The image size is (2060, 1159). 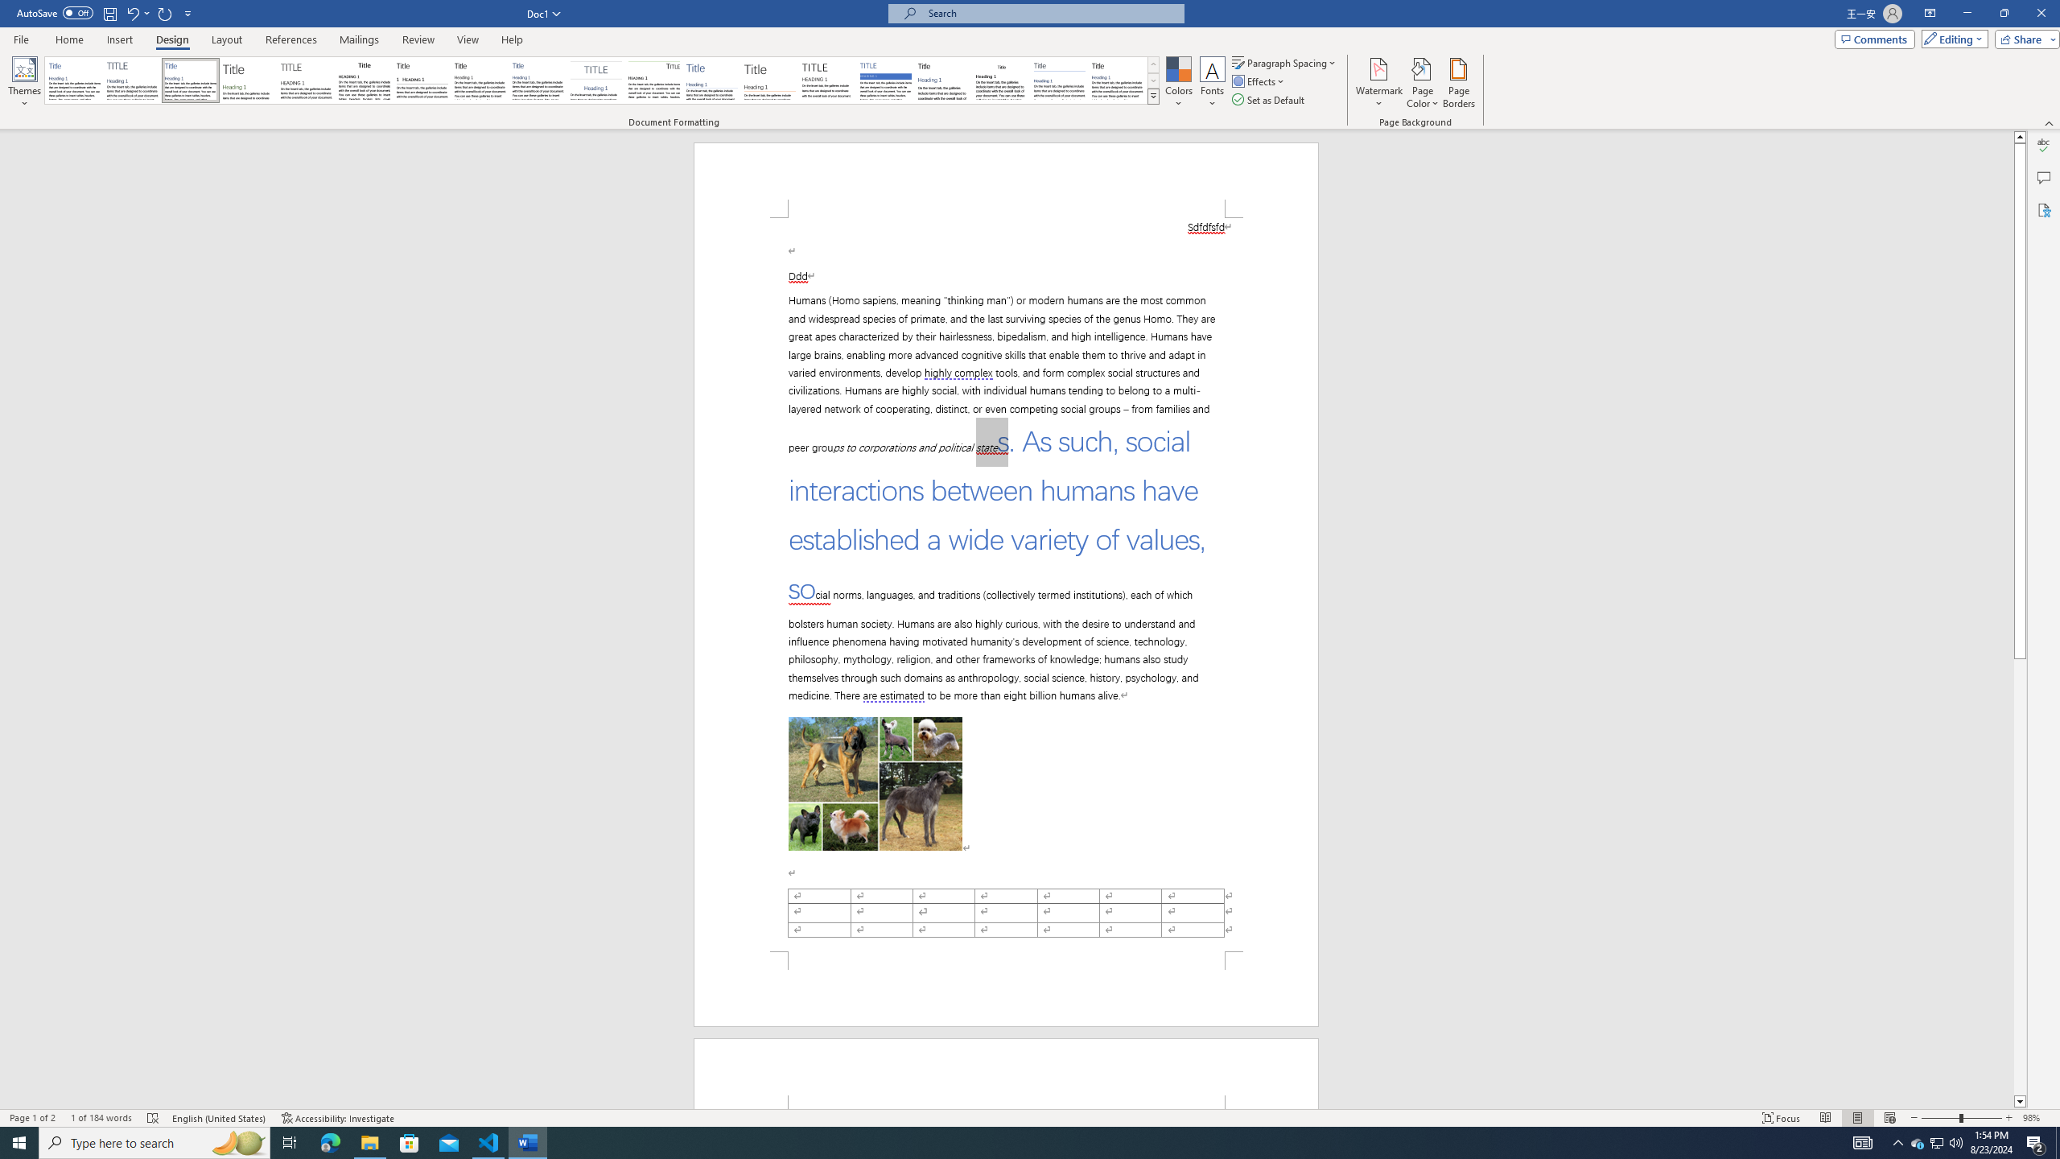 I want to click on 'Repeat Doc Close', so click(x=165, y=12).